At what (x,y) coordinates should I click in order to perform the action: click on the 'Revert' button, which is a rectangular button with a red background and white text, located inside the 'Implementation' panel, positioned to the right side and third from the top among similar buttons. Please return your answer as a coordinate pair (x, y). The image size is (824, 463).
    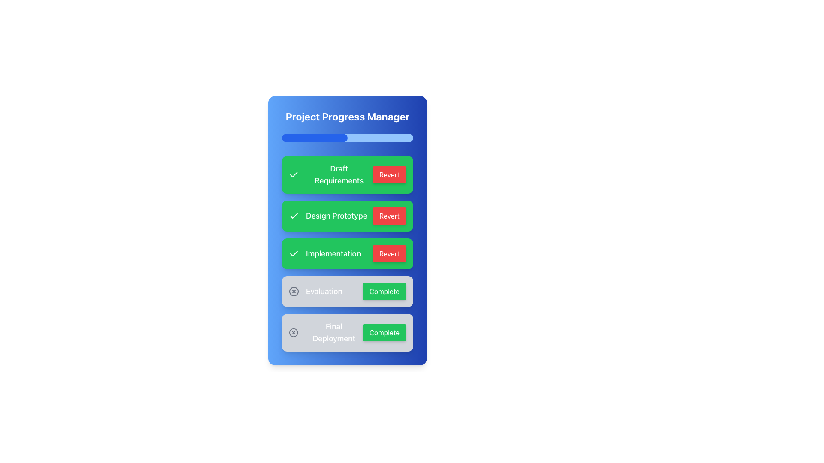
    Looking at the image, I should click on (389, 253).